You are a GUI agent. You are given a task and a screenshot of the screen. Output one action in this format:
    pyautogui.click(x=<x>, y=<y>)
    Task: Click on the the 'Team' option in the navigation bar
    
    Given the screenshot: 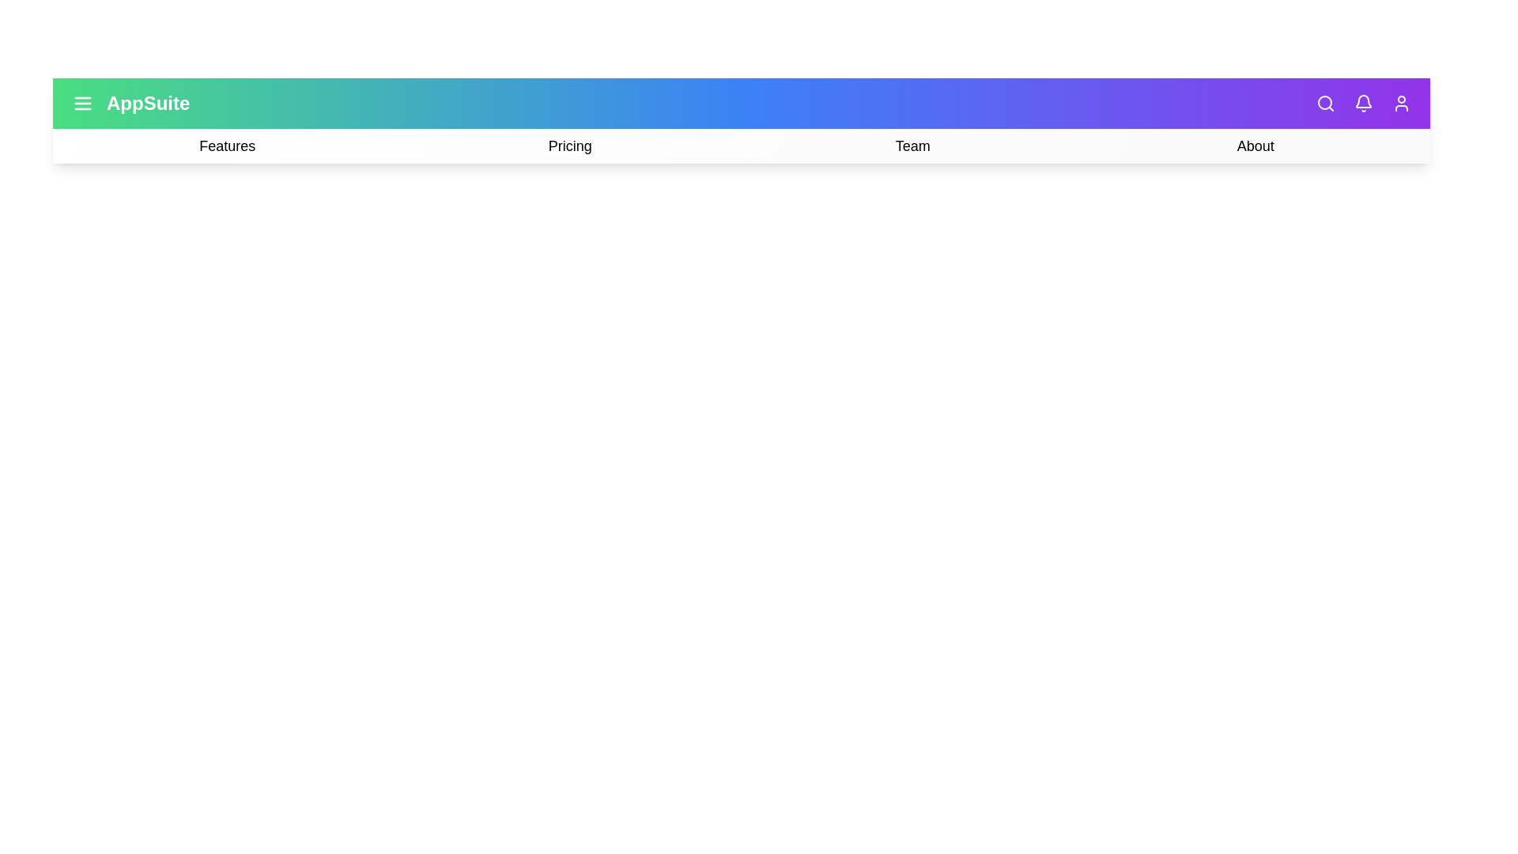 What is the action you would take?
    pyautogui.click(x=912, y=146)
    